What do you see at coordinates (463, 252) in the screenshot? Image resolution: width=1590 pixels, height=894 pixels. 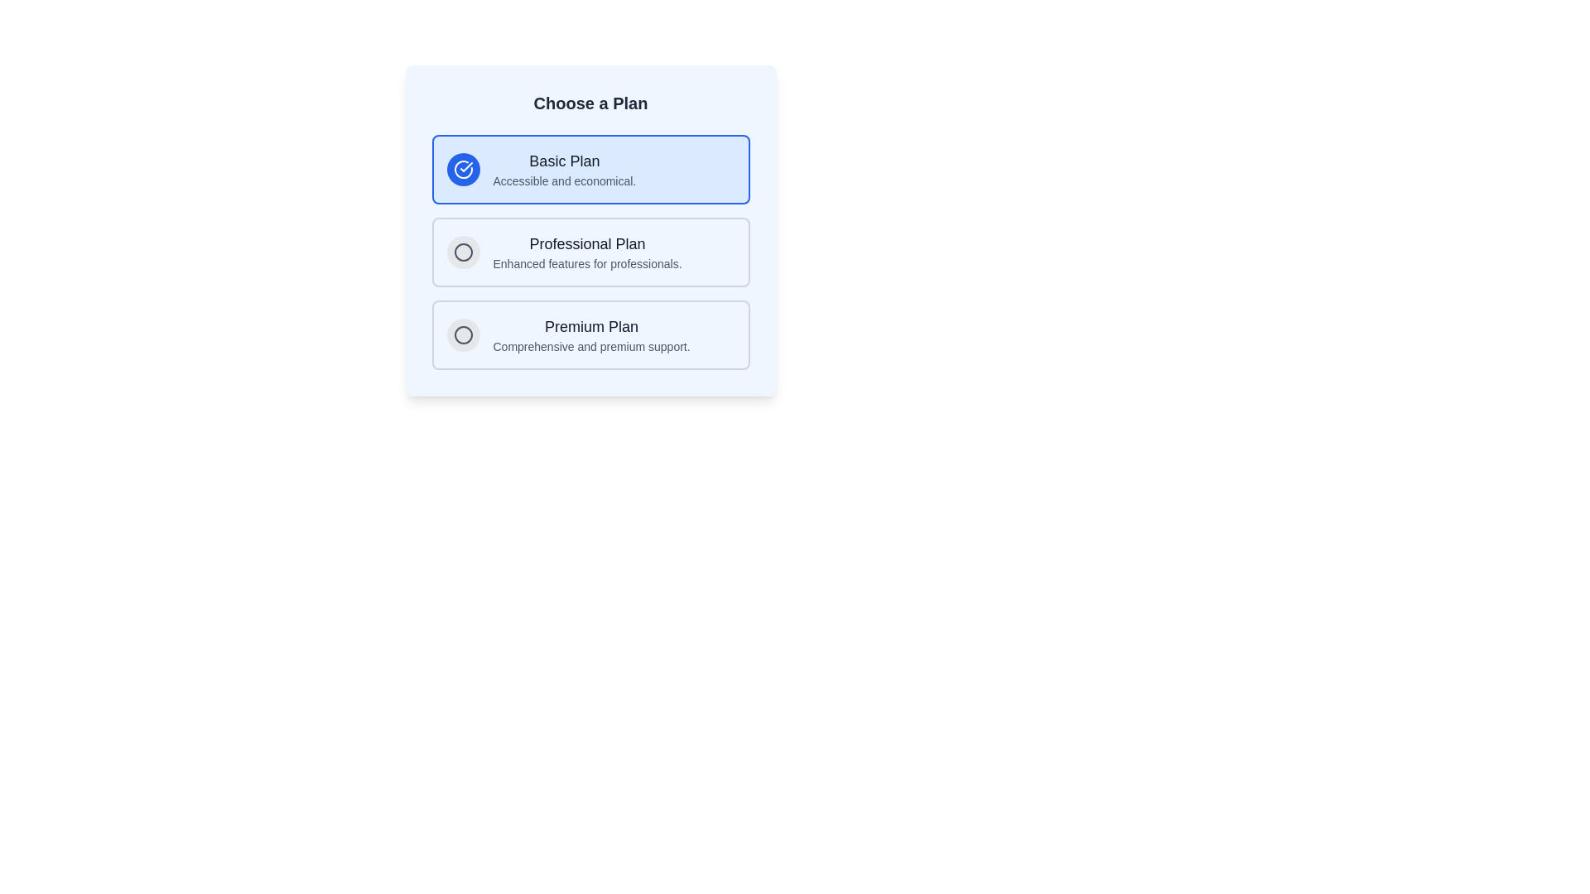 I see `the graphical indicator icon for the 'Professional Plan' option located in the second row of the plan selections` at bounding box center [463, 252].